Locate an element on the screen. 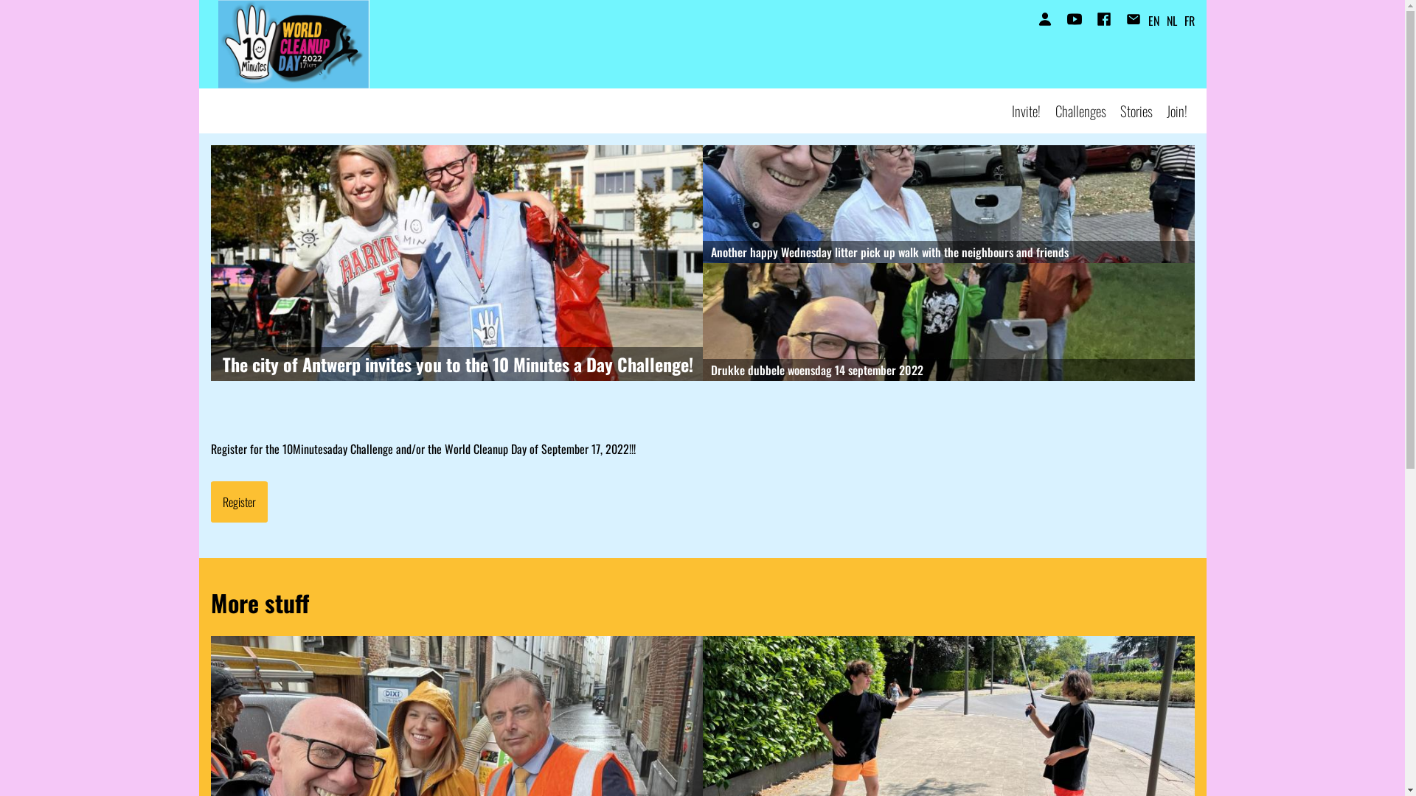 Image resolution: width=1416 pixels, height=796 pixels. 'Register' is located at coordinates (239, 501).